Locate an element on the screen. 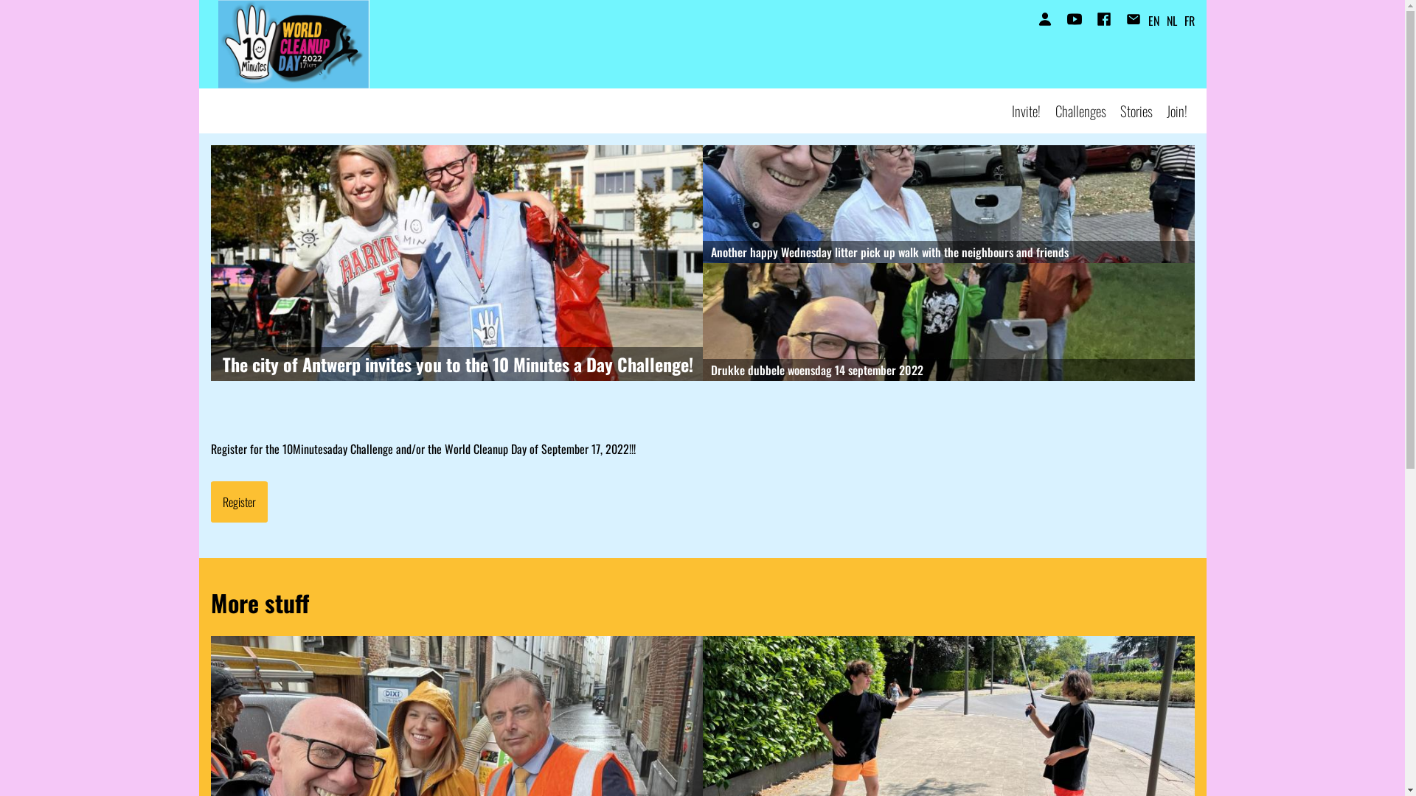 Image resolution: width=1416 pixels, height=796 pixels. 'Register' is located at coordinates (239, 501).